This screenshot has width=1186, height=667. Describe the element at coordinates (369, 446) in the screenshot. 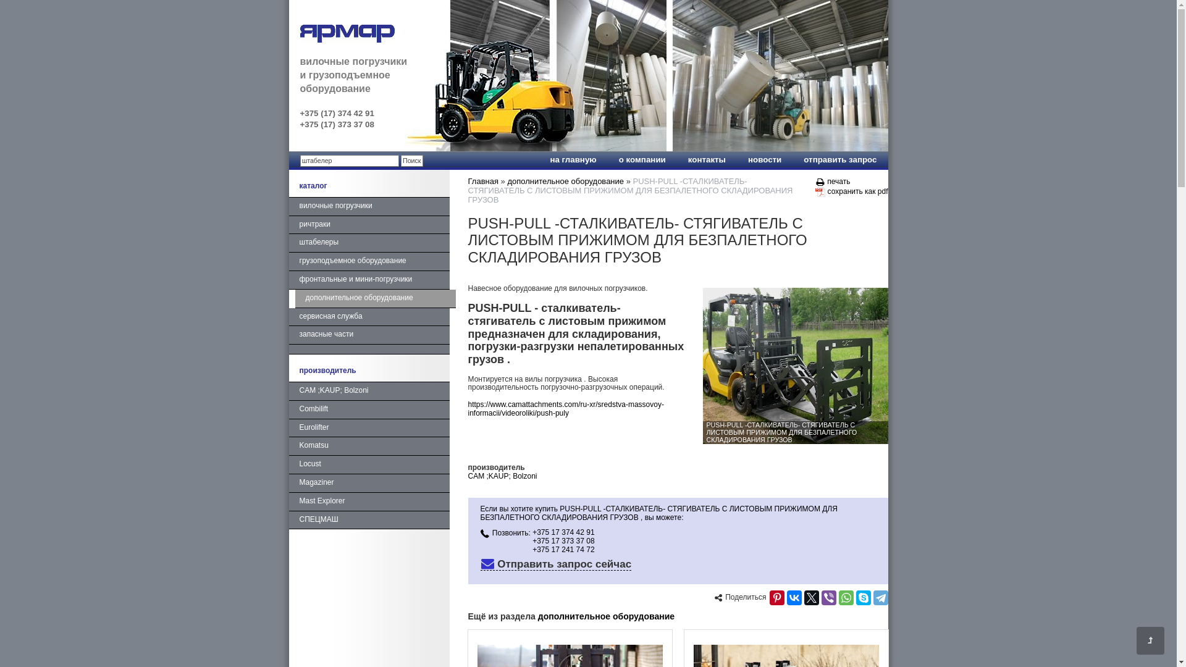

I see `'Komatsu'` at that location.